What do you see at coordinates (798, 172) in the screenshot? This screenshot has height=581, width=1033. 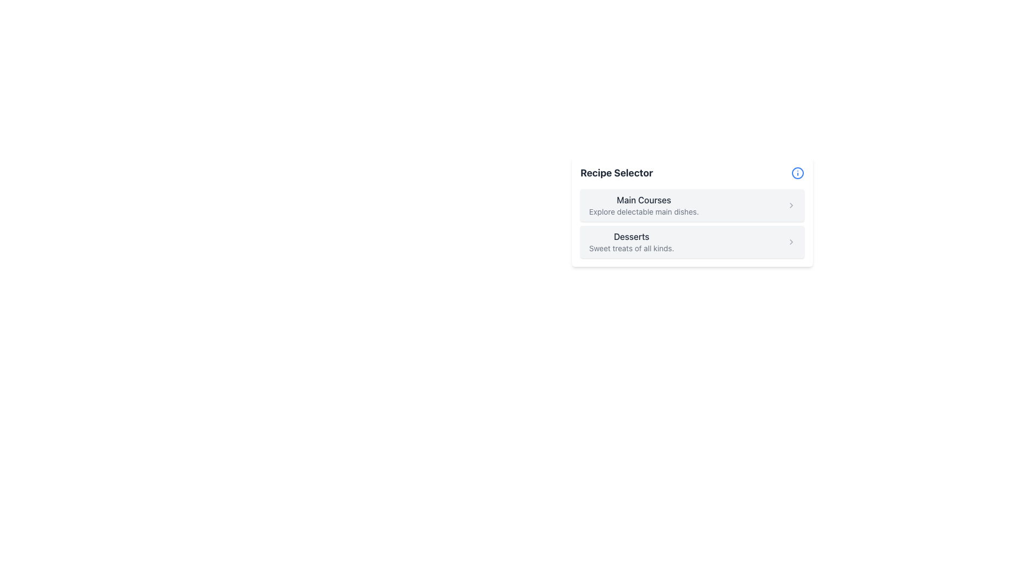 I see `the Information Icon located in the top-right corner of the 'Recipe Selector' section, adjacent to the title text 'Recipe Selector'` at bounding box center [798, 172].